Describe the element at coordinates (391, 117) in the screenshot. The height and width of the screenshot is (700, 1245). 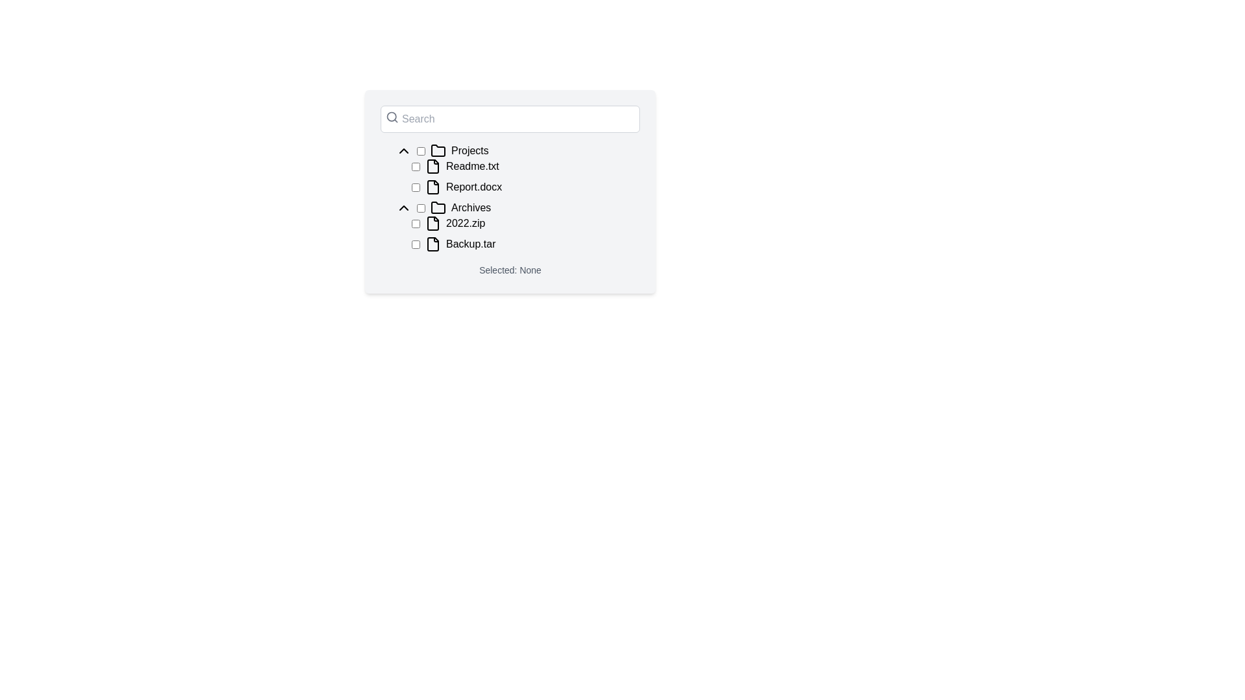
I see `the search icon positioned at the top-left corner of the text input field, which indicates the search functionality` at that location.